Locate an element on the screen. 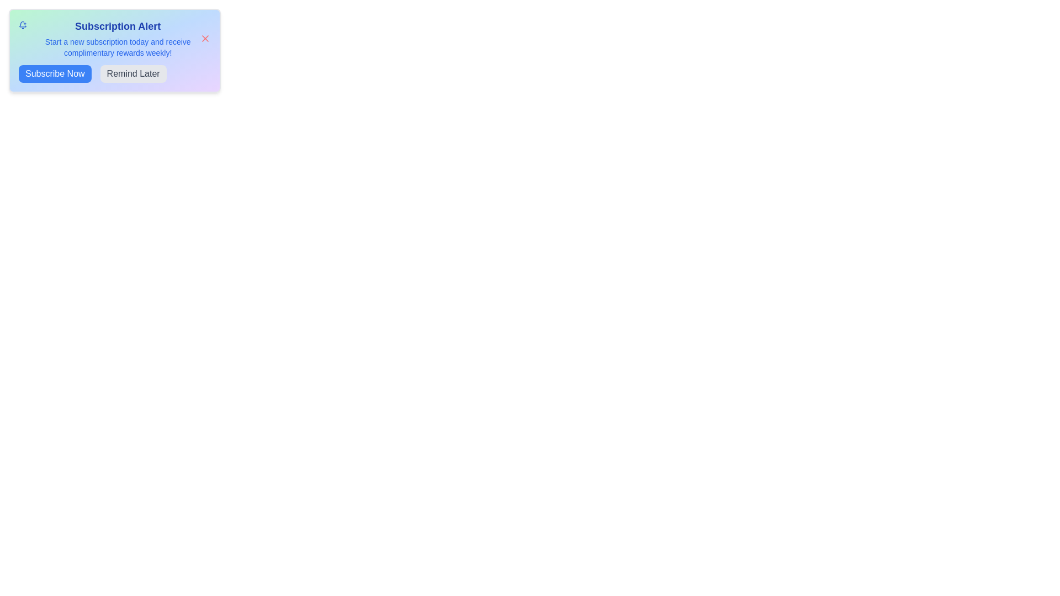  'Subscribe Now' button is located at coordinates (54, 74).